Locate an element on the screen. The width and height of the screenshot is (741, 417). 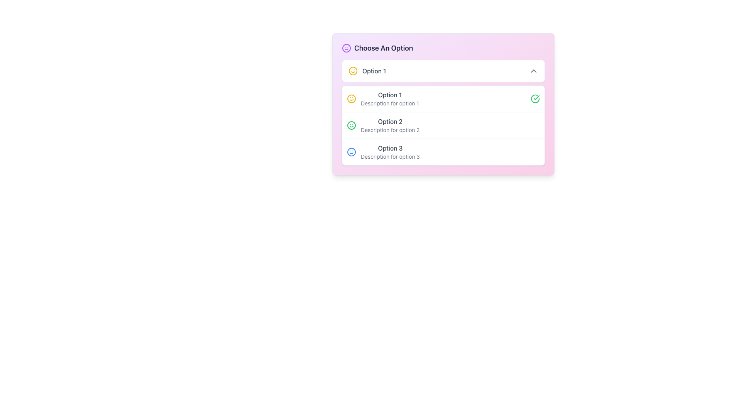
the icon that visually enhances 'Option 3' in the vertical list, located at the top-left corner of the third option is located at coordinates (351, 152).